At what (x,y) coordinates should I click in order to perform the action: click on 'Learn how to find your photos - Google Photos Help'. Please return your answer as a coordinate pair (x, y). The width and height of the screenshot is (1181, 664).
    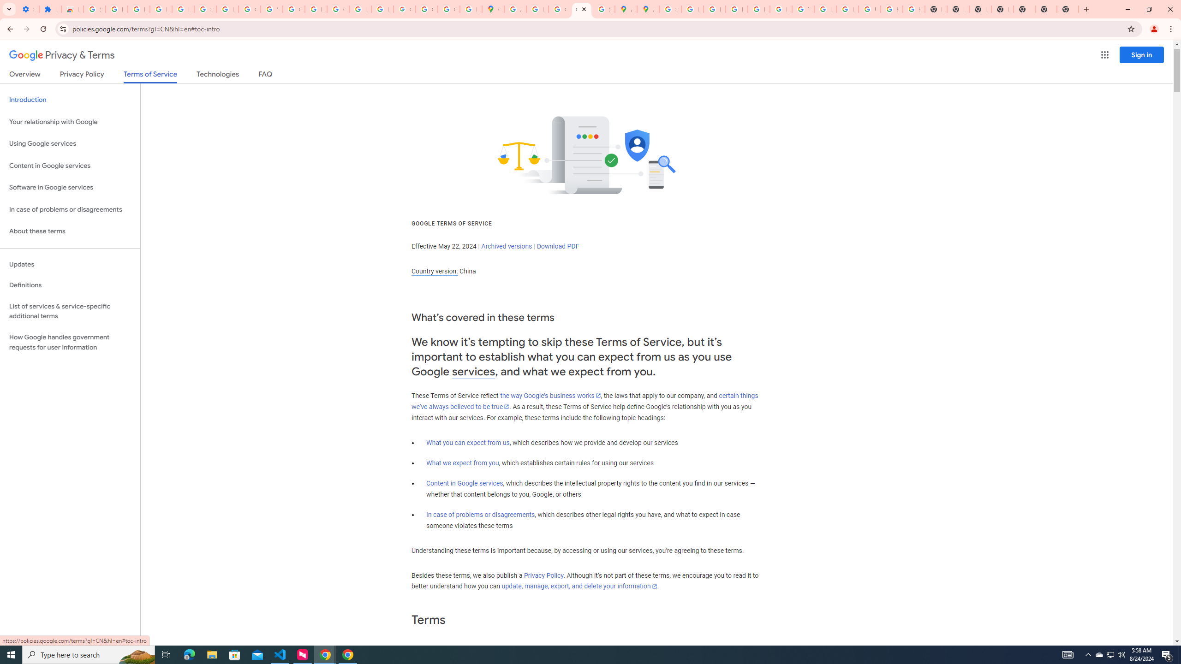
    Looking at the image, I should click on (160, 9).